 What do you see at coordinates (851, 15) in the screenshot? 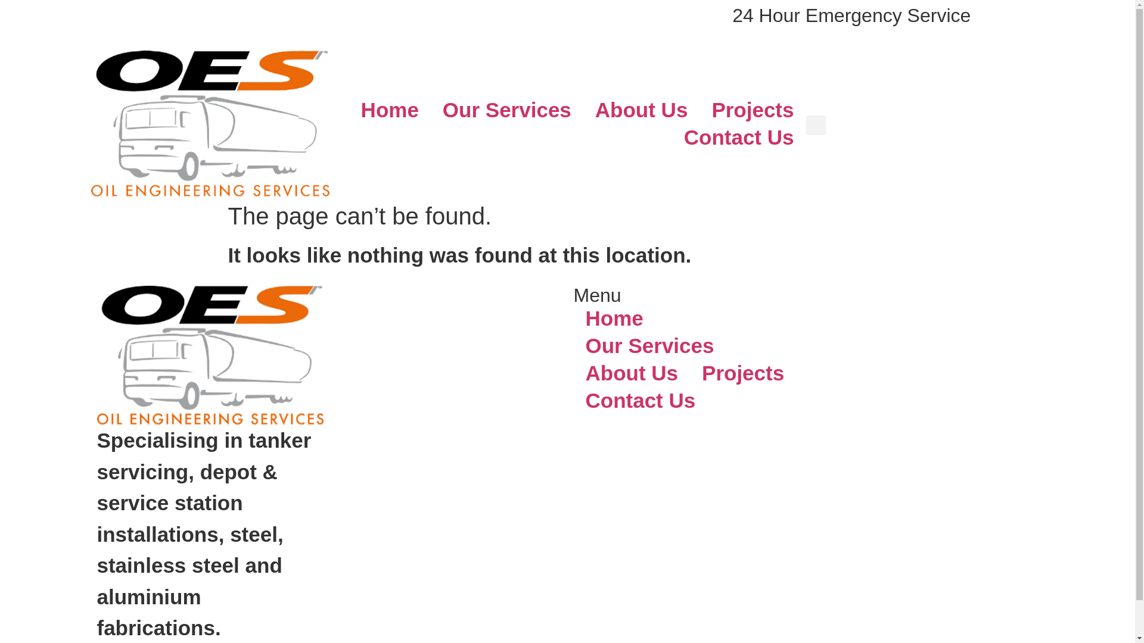
I see `'24 Hour Emergency Service'` at bounding box center [851, 15].